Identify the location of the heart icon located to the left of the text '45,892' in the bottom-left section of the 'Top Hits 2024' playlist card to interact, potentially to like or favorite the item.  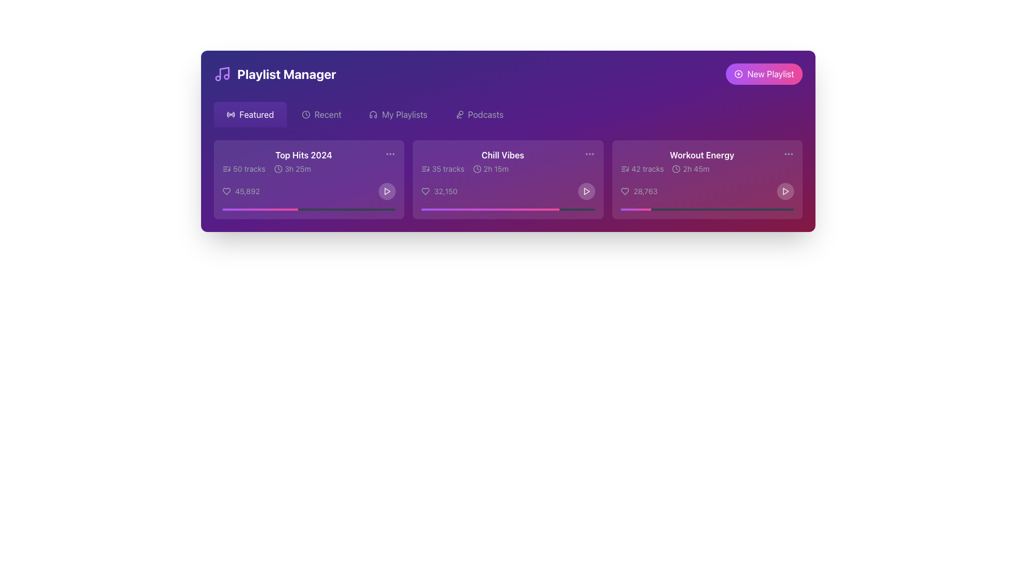
(226, 190).